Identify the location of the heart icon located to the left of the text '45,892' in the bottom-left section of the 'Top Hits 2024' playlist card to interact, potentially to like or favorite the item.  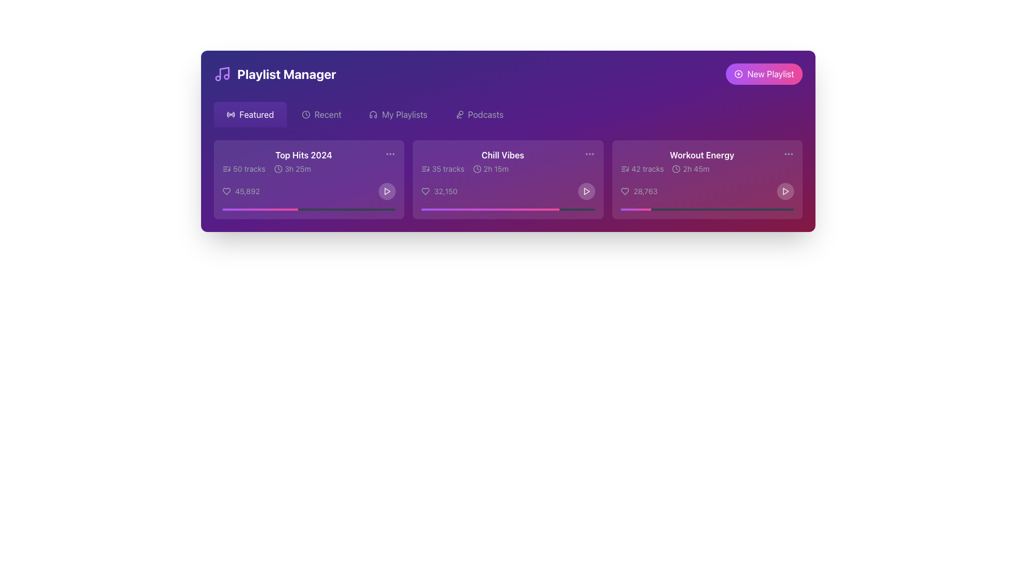
(226, 190).